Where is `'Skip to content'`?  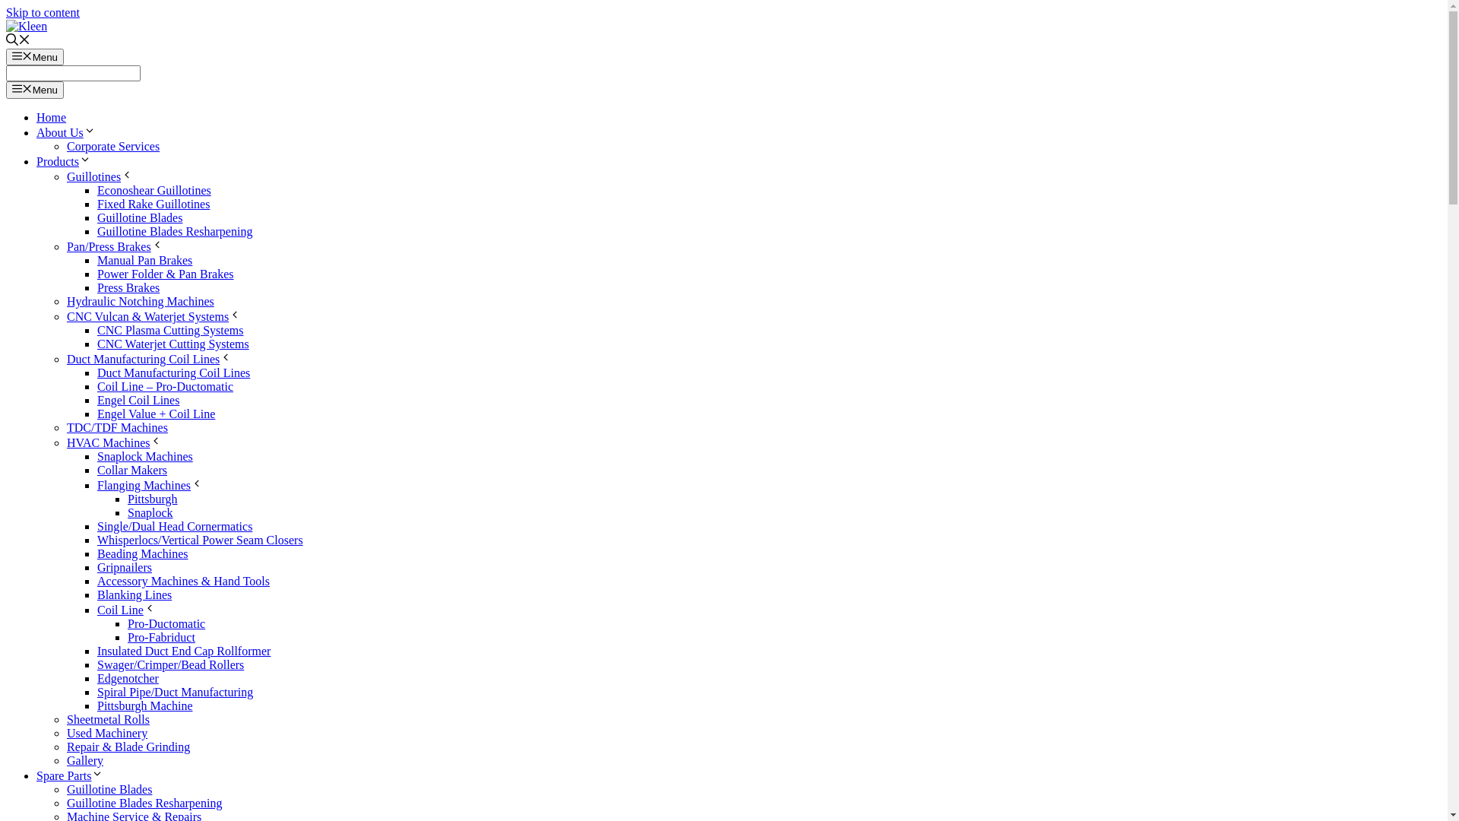 'Skip to content' is located at coordinates (43, 12).